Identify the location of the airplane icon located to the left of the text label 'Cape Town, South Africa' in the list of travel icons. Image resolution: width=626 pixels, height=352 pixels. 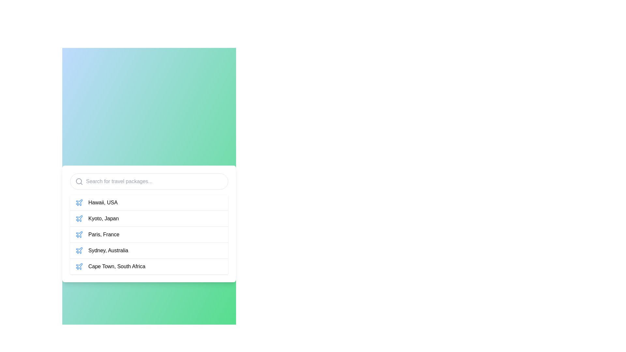
(79, 266).